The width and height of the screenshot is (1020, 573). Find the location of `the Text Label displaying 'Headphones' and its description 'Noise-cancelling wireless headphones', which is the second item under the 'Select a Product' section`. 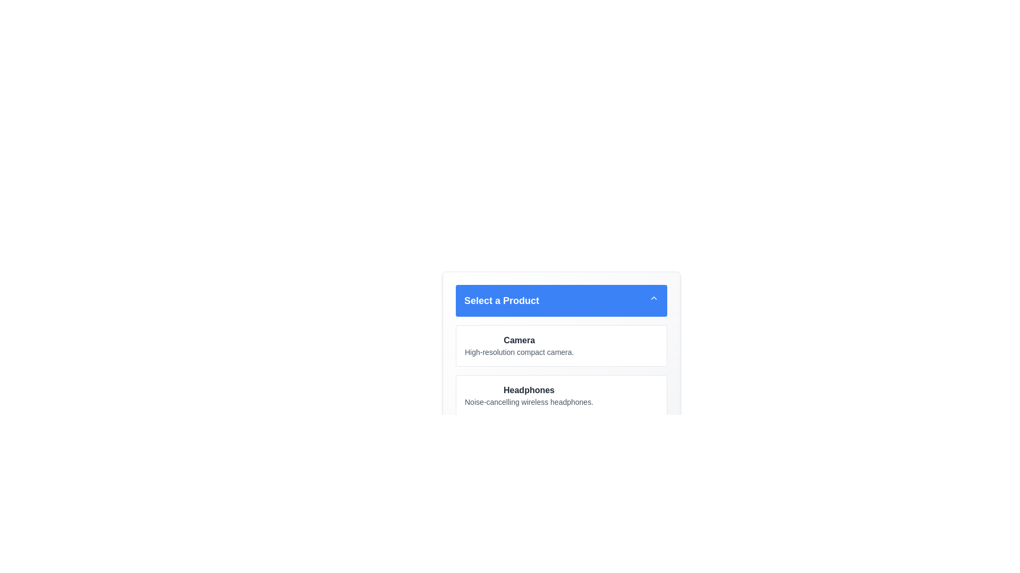

the Text Label displaying 'Headphones' and its description 'Noise-cancelling wireless headphones', which is the second item under the 'Select a Product' section is located at coordinates (529, 395).